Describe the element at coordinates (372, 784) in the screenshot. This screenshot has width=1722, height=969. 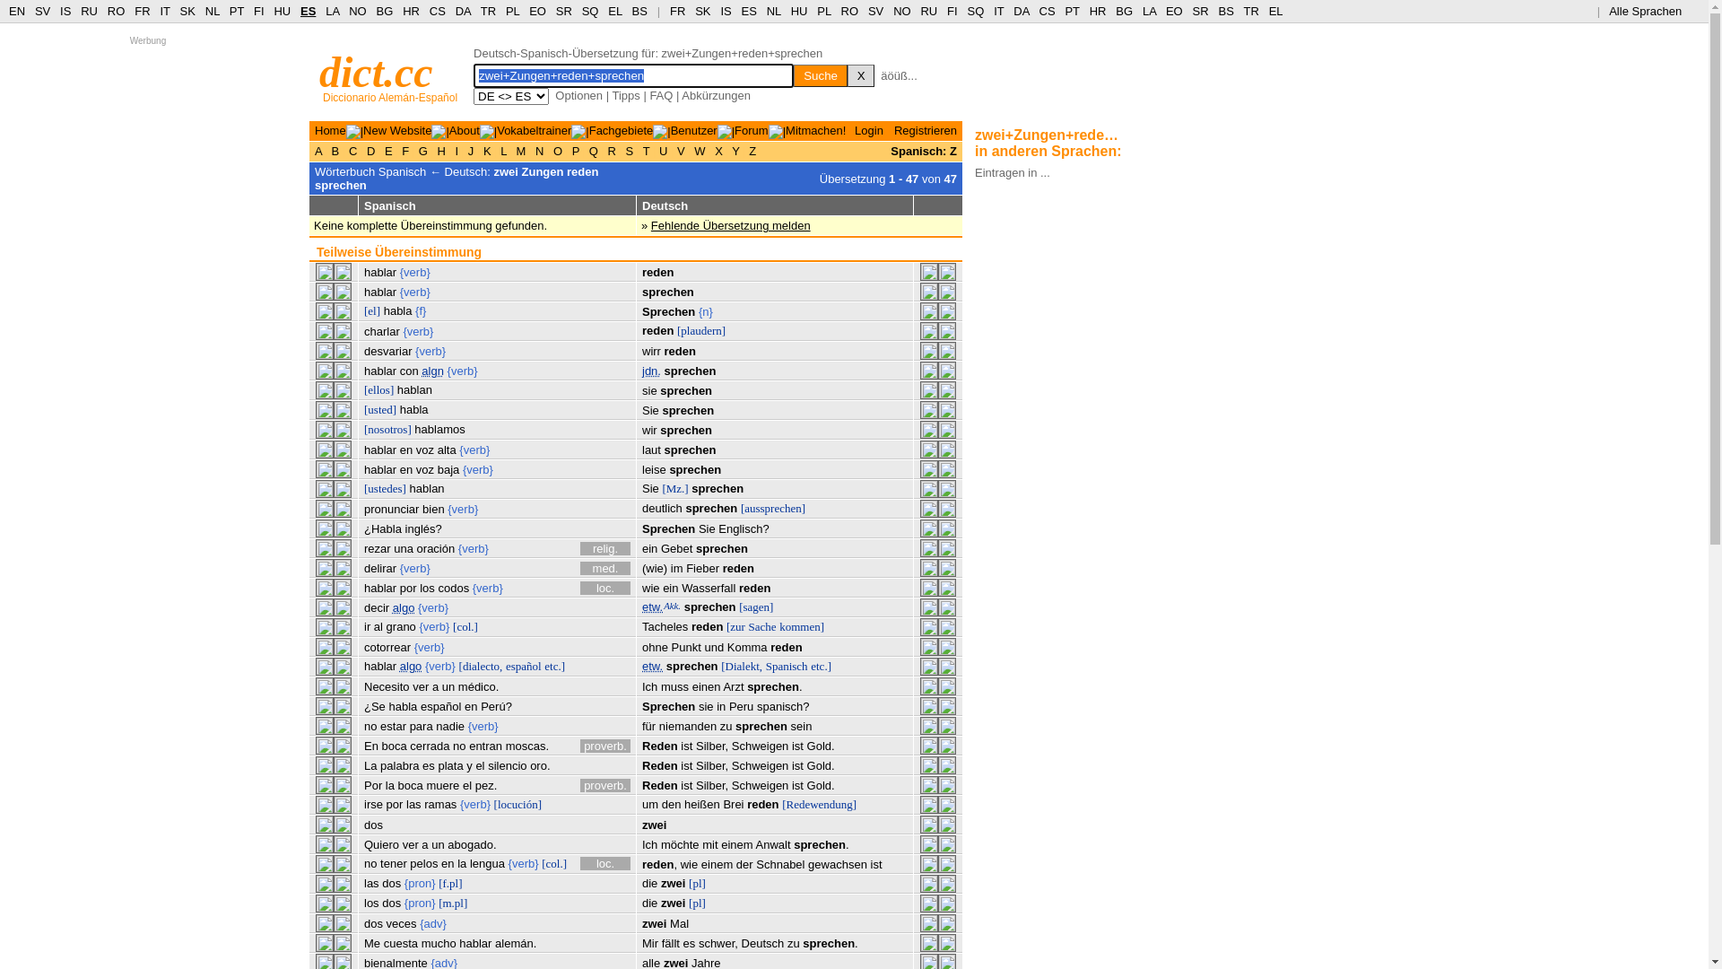
I see `'Por'` at that location.